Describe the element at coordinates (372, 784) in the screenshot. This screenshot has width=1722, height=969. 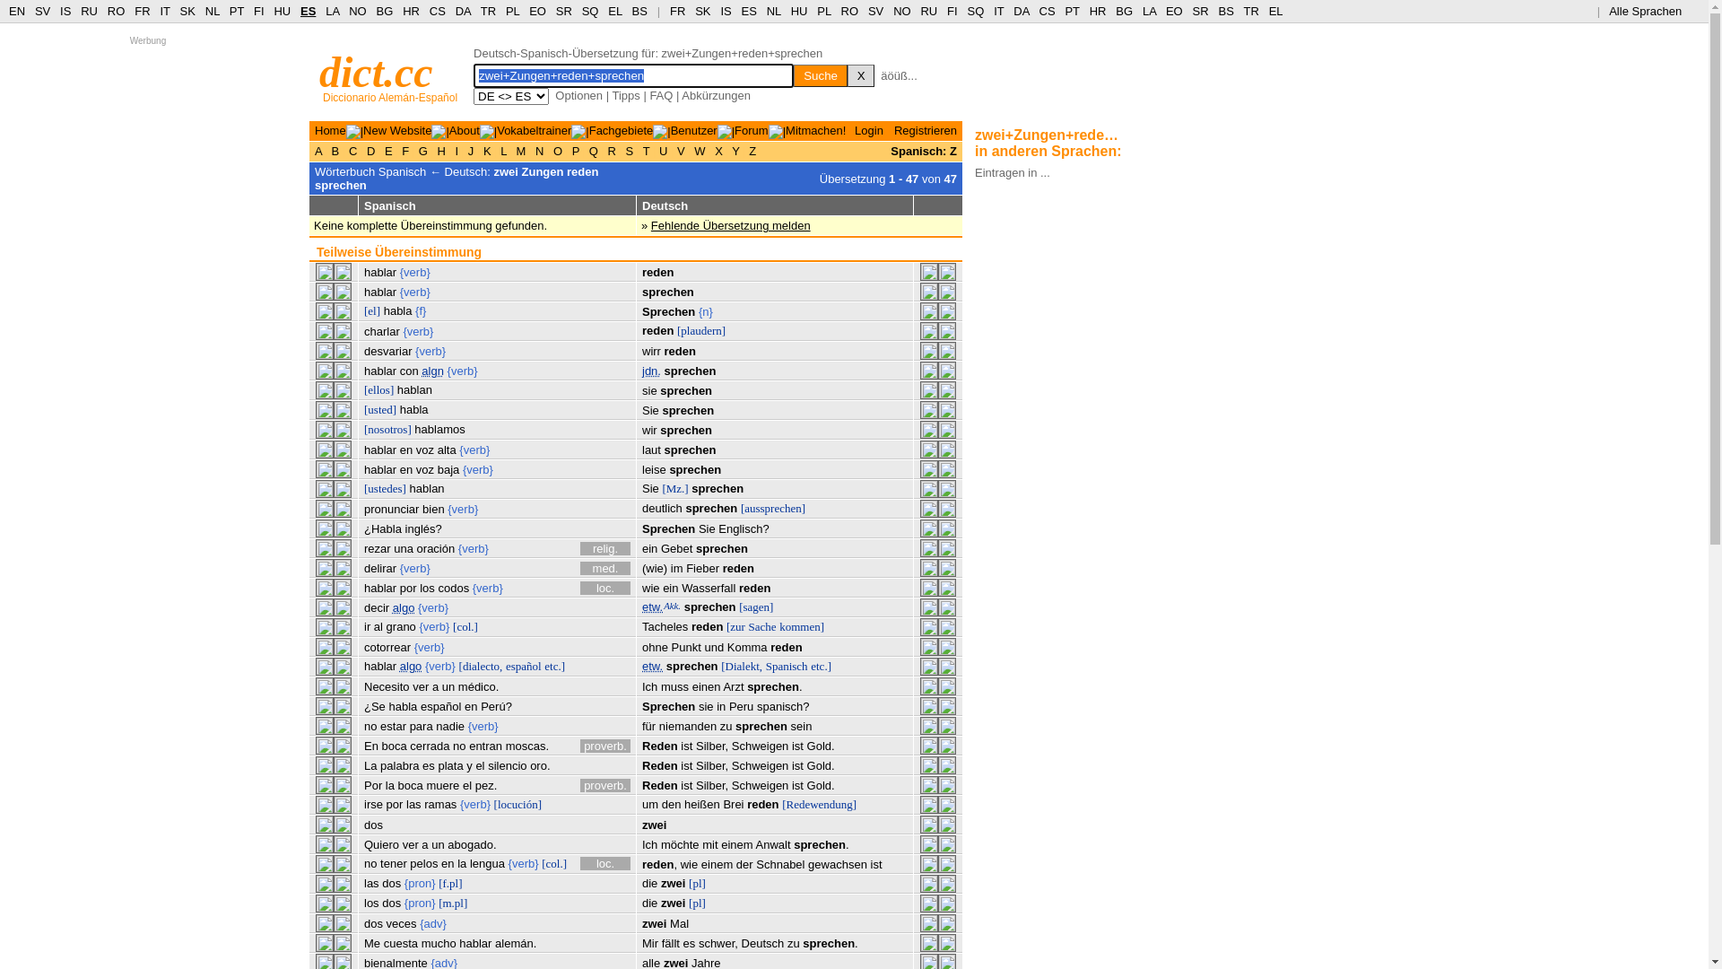
I see `'Por'` at that location.